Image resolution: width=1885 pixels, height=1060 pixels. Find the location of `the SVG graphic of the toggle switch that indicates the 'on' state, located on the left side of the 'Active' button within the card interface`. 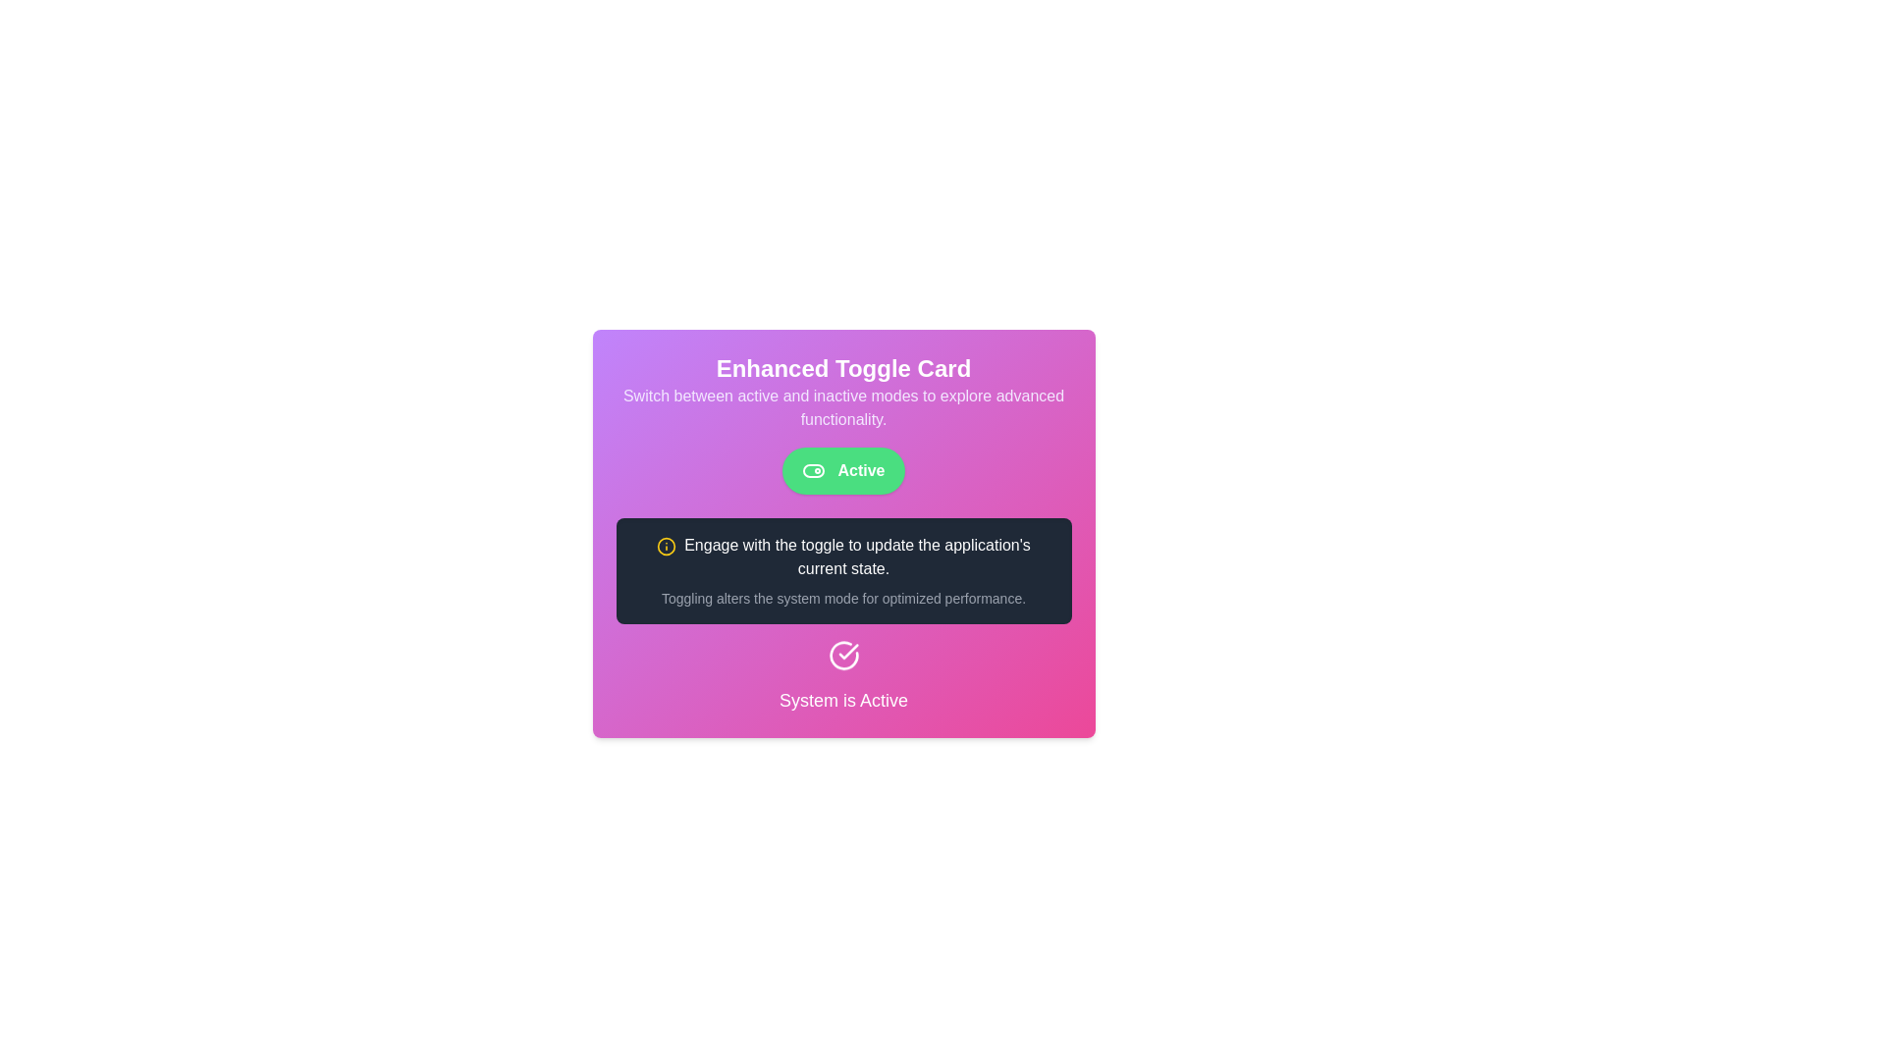

the SVG graphic of the toggle switch that indicates the 'on' state, located on the left side of the 'Active' button within the card interface is located at coordinates (814, 470).